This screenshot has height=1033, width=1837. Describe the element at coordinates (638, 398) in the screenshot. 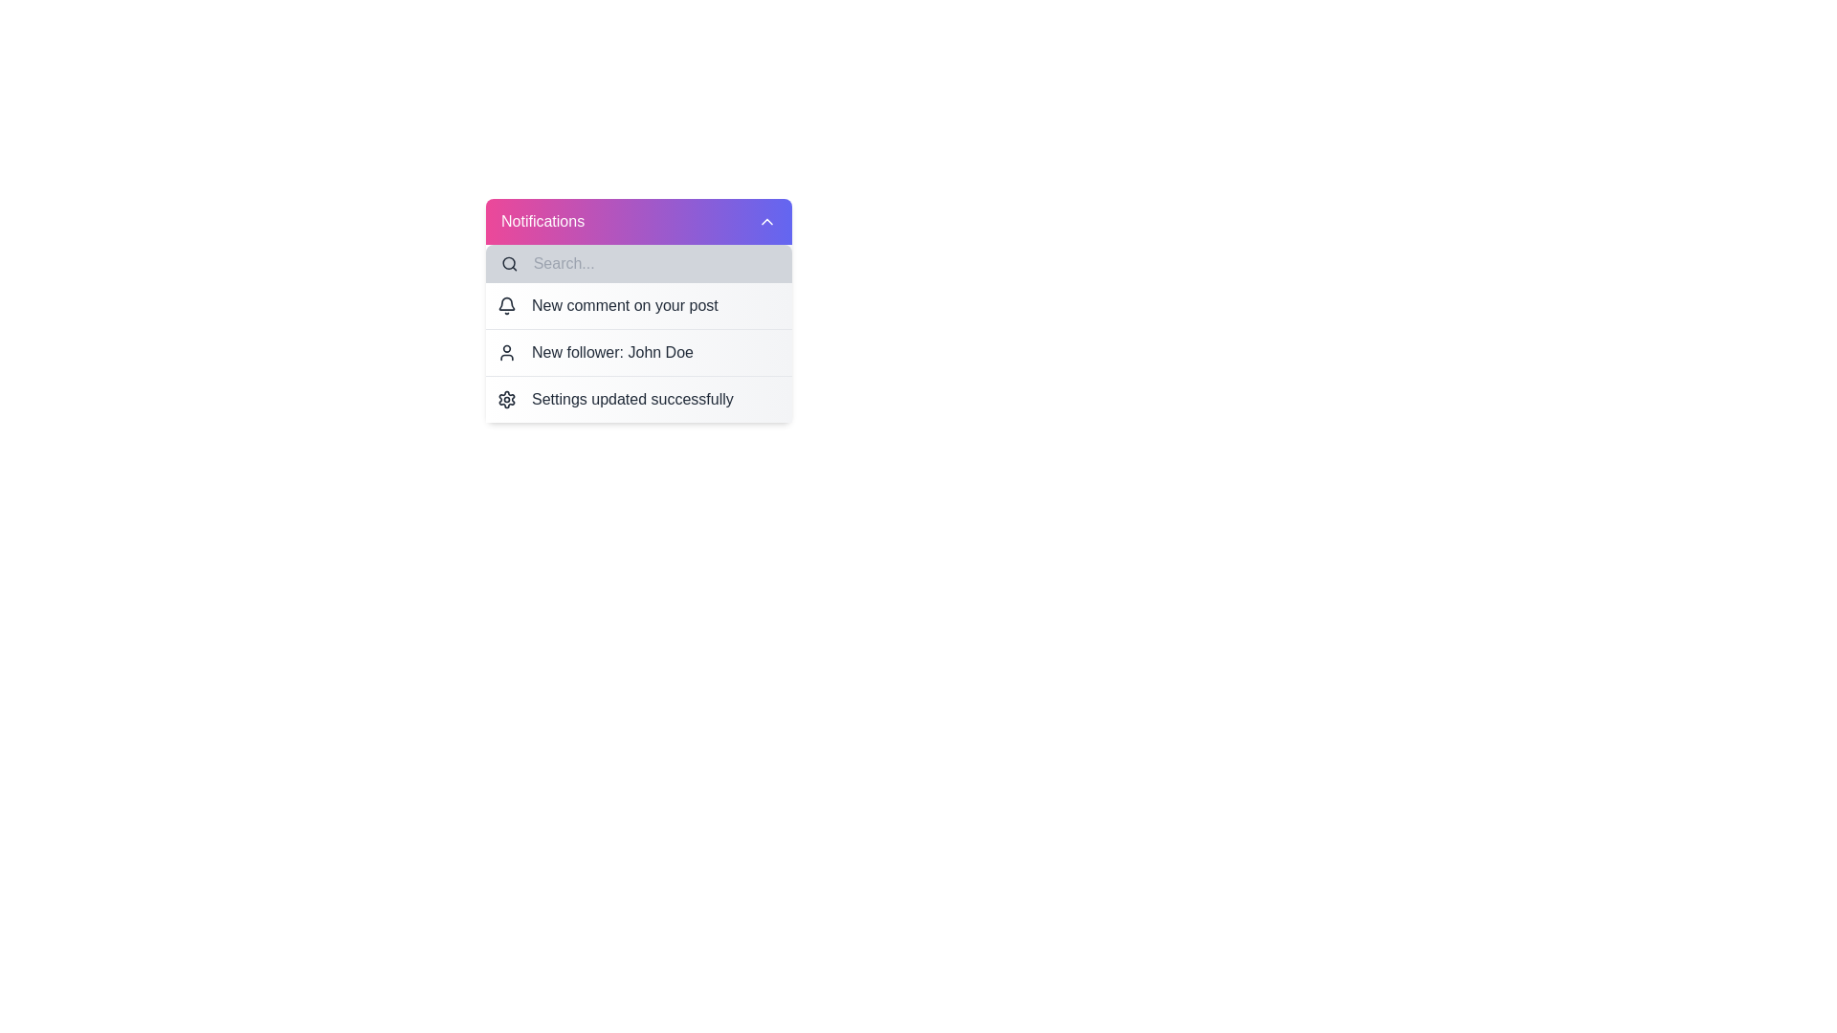

I see `the notification item Settings updated successfully to highlight it` at that location.